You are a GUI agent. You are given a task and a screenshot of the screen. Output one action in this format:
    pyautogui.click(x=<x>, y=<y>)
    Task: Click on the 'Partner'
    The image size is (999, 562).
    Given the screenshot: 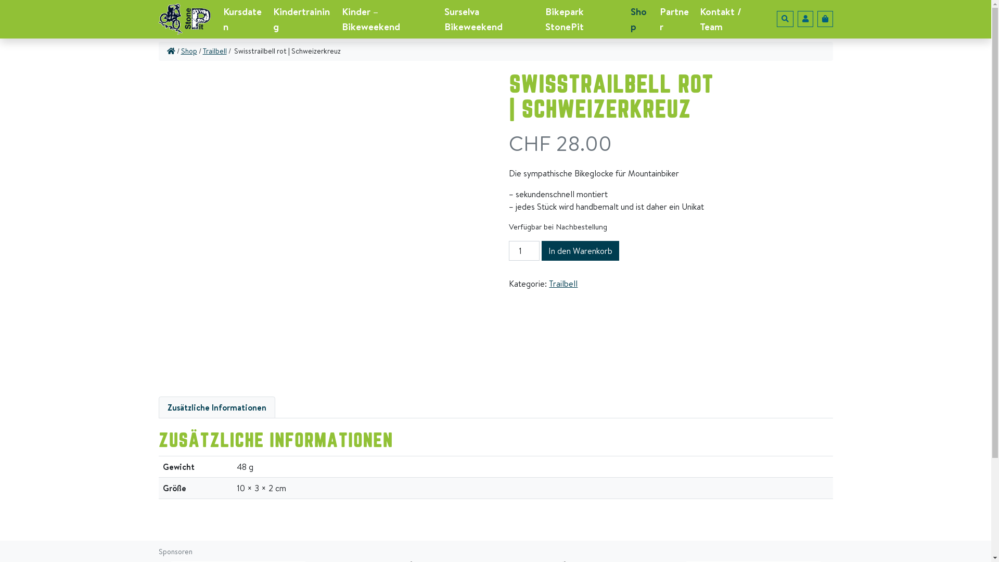 What is the action you would take?
    pyautogui.click(x=675, y=19)
    